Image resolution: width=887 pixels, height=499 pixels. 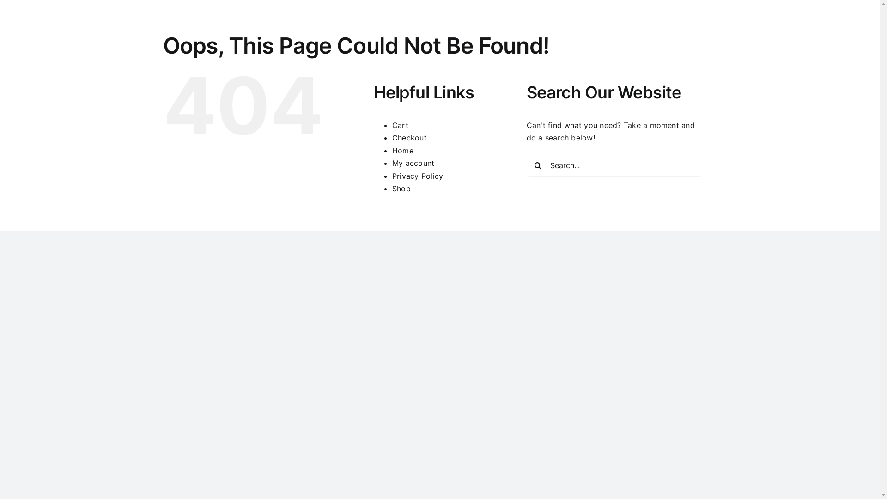 What do you see at coordinates (392, 150) in the screenshot?
I see `'Home'` at bounding box center [392, 150].